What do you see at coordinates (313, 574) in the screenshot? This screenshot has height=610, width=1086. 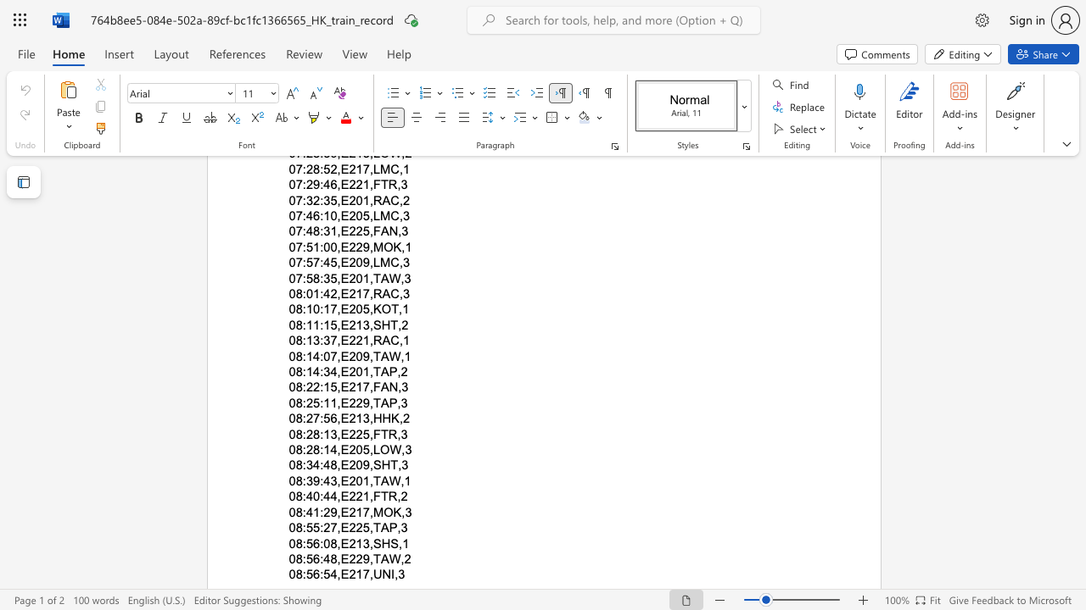 I see `the subset text "6:54,E217,UN" within the text "08:56:54,E217,UNI,3"` at bounding box center [313, 574].